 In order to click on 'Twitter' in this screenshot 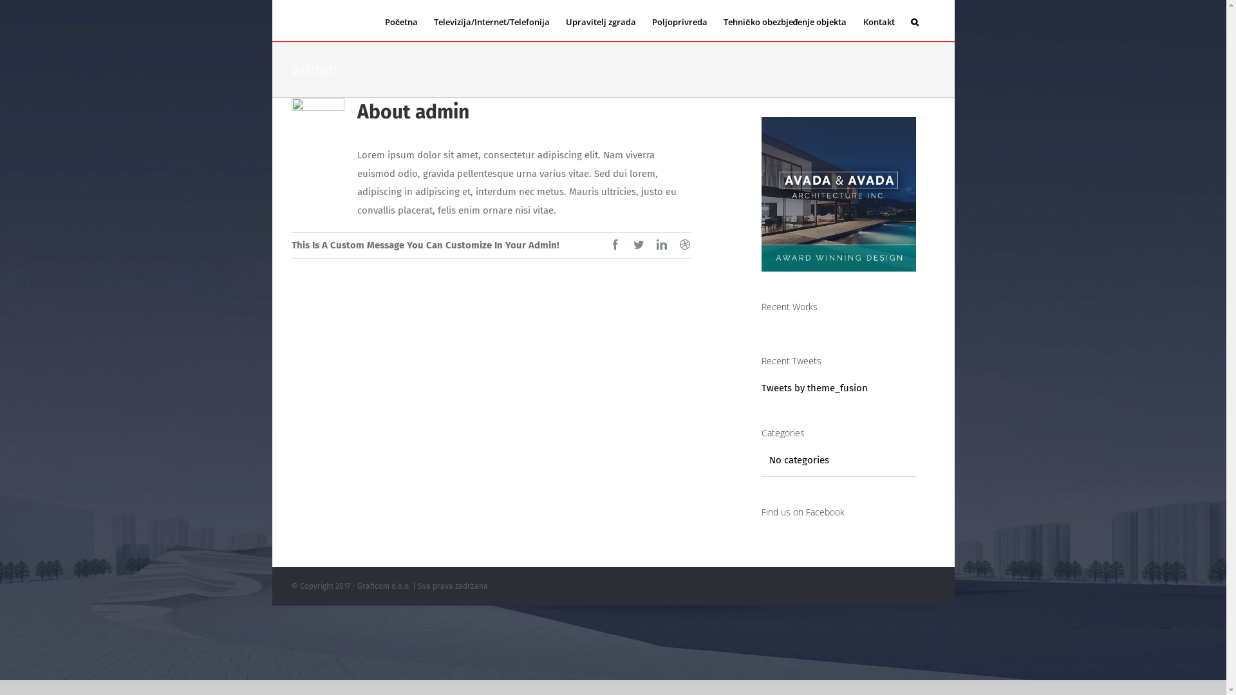, I will do `click(639, 245)`.